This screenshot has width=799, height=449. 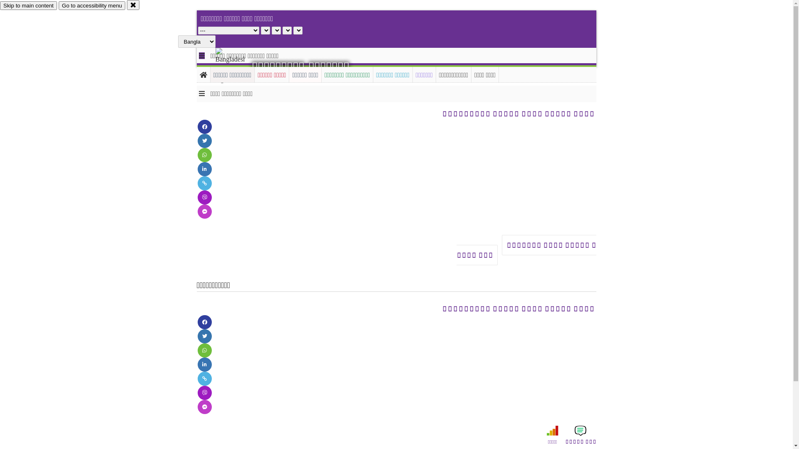 I want to click on 'Skip to main content', so click(x=0, y=5).